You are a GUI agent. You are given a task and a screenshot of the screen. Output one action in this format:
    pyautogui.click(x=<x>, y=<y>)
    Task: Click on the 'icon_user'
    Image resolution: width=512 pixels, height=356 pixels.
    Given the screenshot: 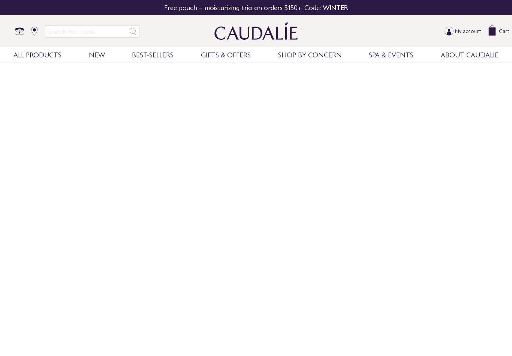 What is the action you would take?
    pyautogui.click(x=449, y=31)
    